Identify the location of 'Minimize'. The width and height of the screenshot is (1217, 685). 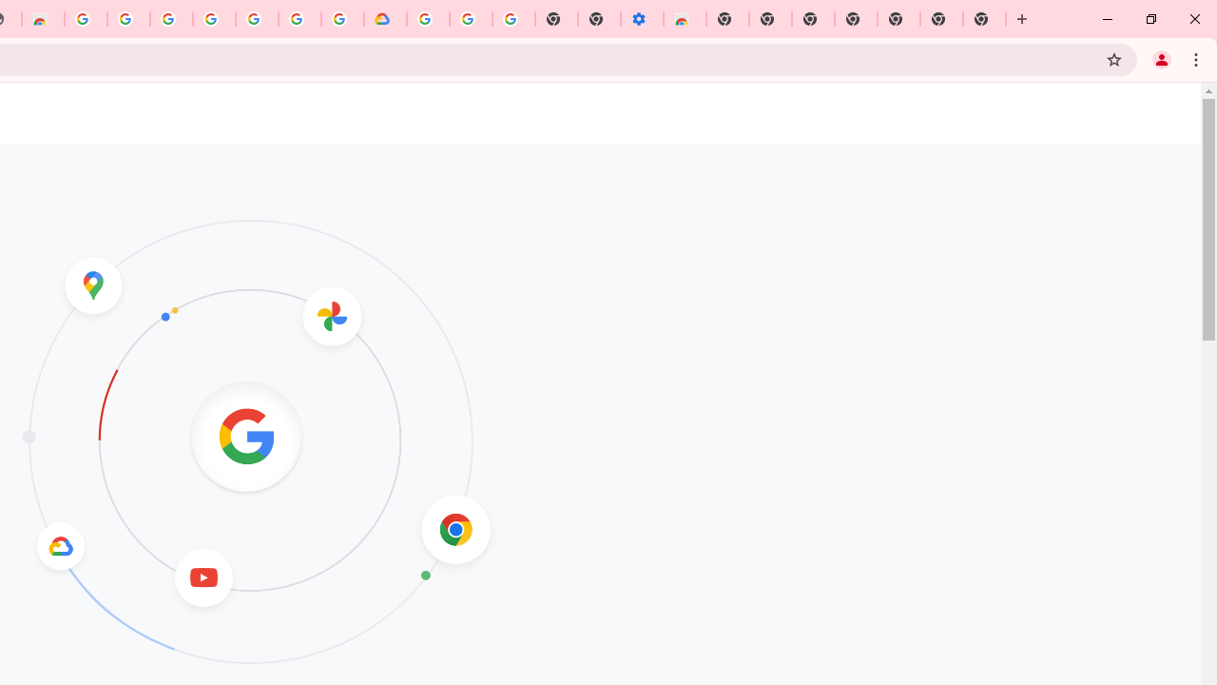
(1108, 19).